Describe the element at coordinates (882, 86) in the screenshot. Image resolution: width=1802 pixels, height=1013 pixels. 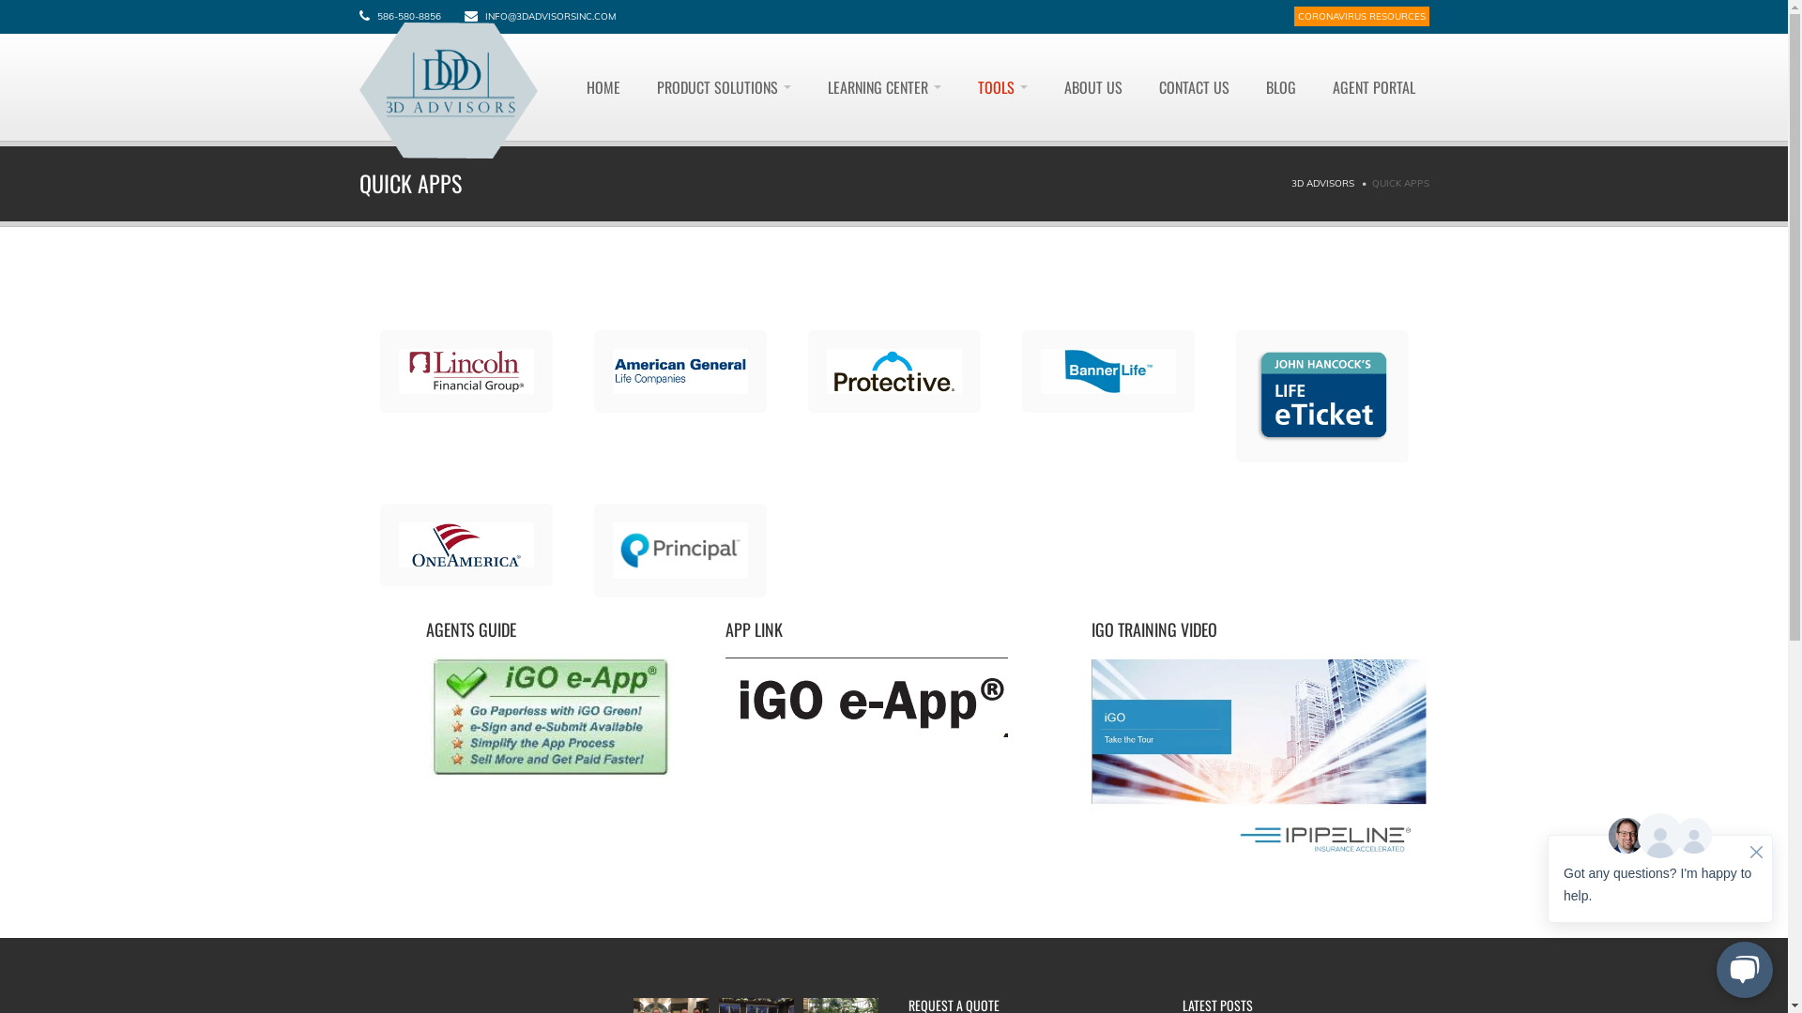
I see `'LEARNING CENTER'` at that location.